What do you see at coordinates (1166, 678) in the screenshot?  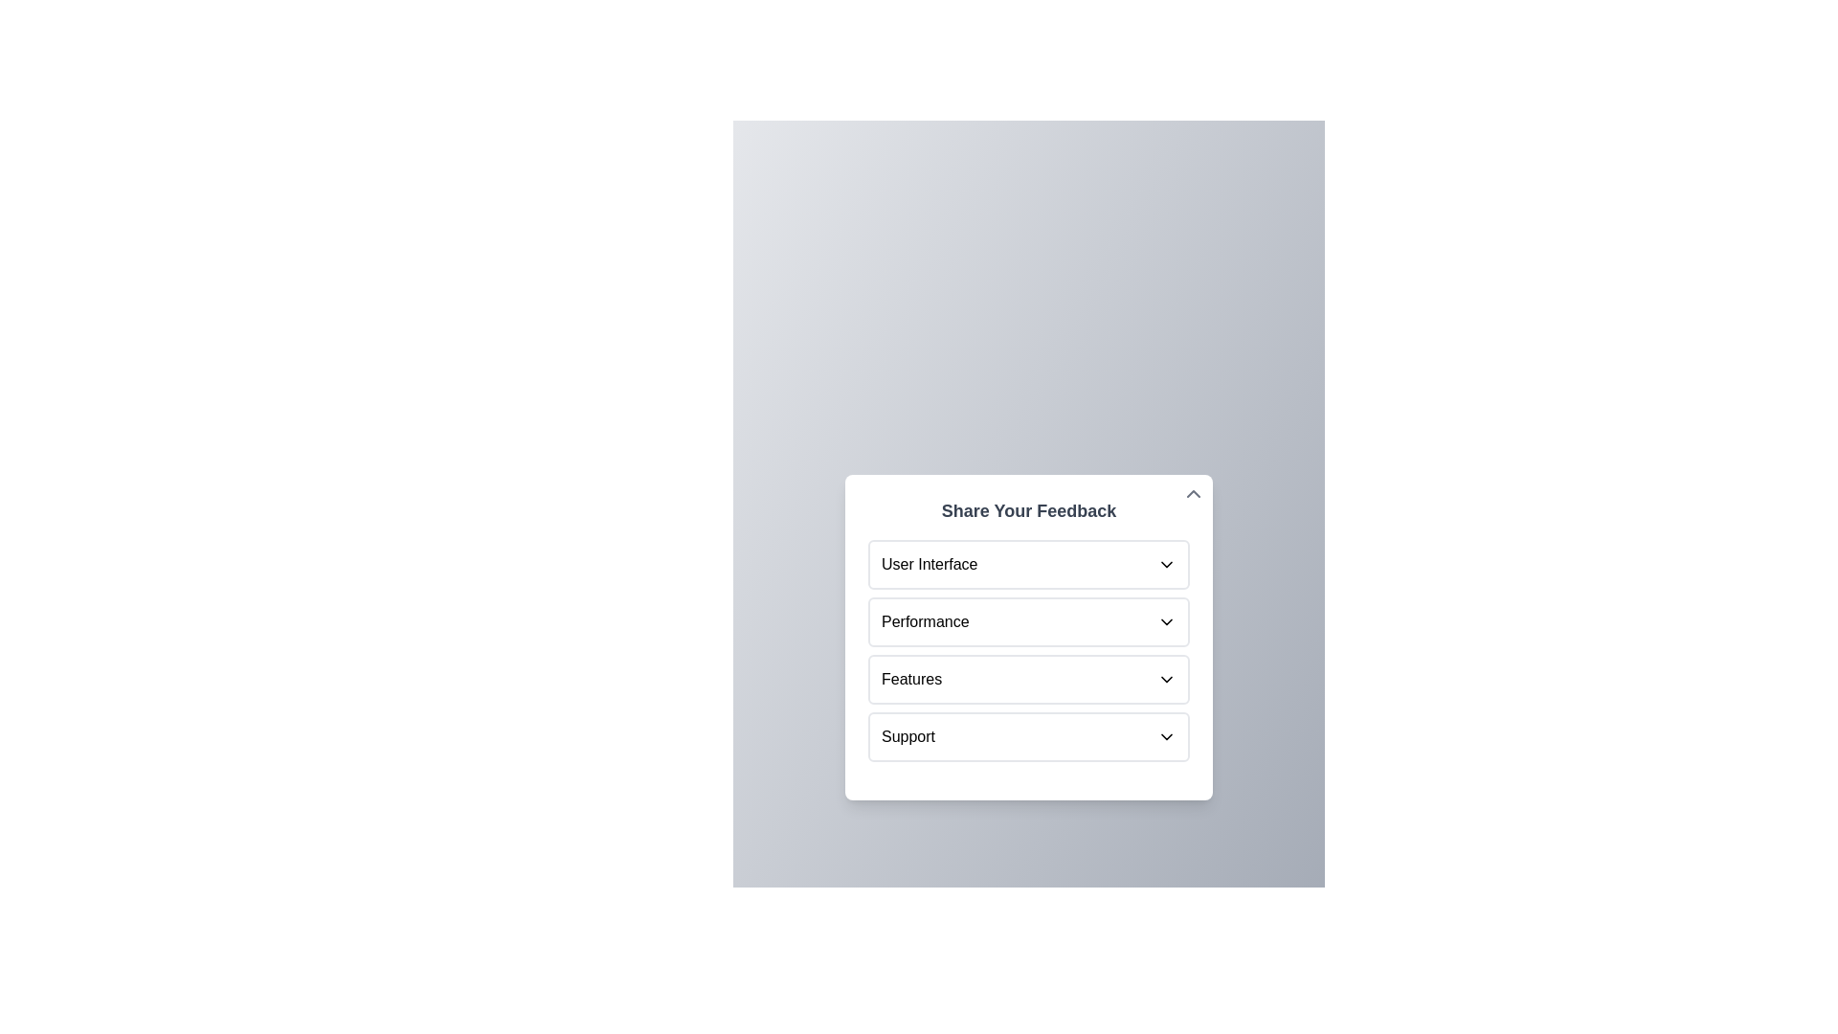 I see `the visual state of the Dropdown Indicator Icon located within the 'Features' section, which indicates the presence of a dropdown menu` at bounding box center [1166, 678].